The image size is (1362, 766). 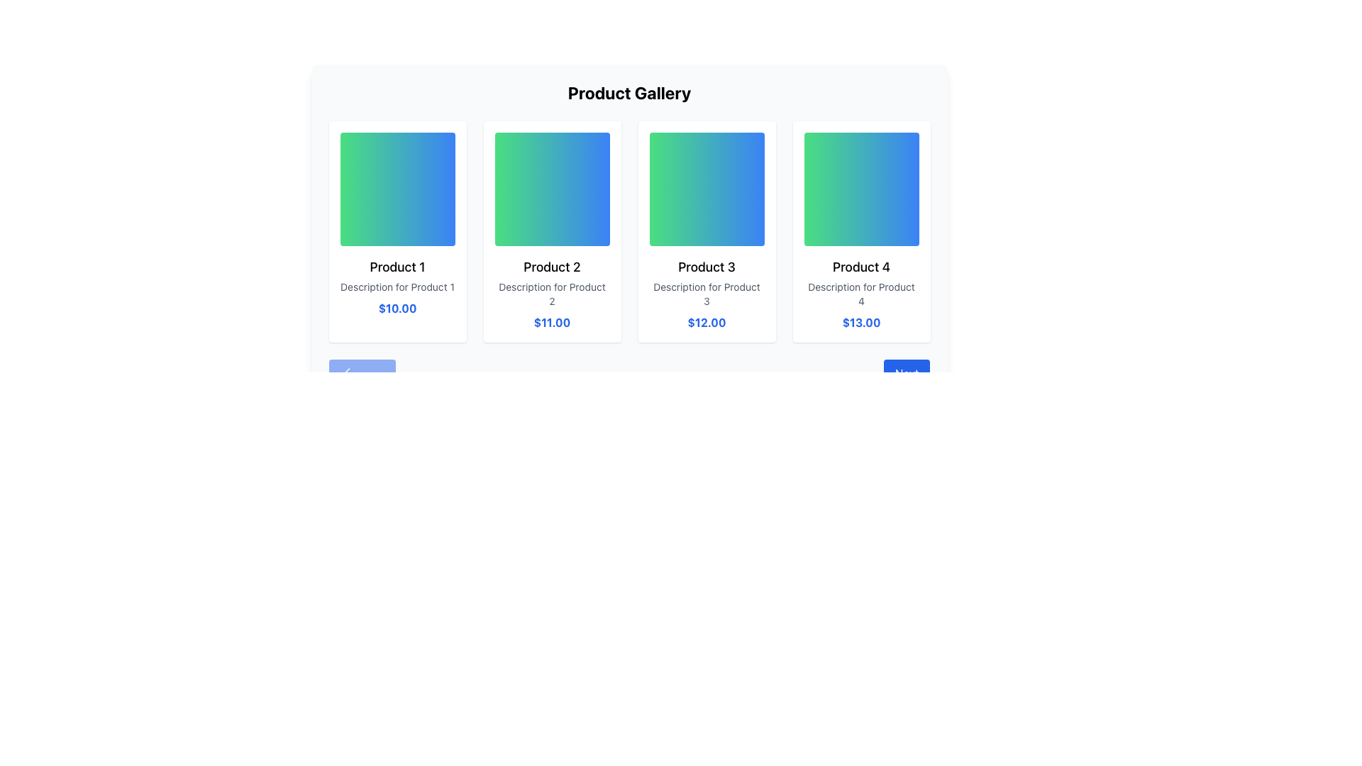 What do you see at coordinates (707, 294) in the screenshot?
I see `the Text Label displaying 'Description for Product 3', which is styled in small gray text and is located within the third product card below the title 'Product 3'` at bounding box center [707, 294].